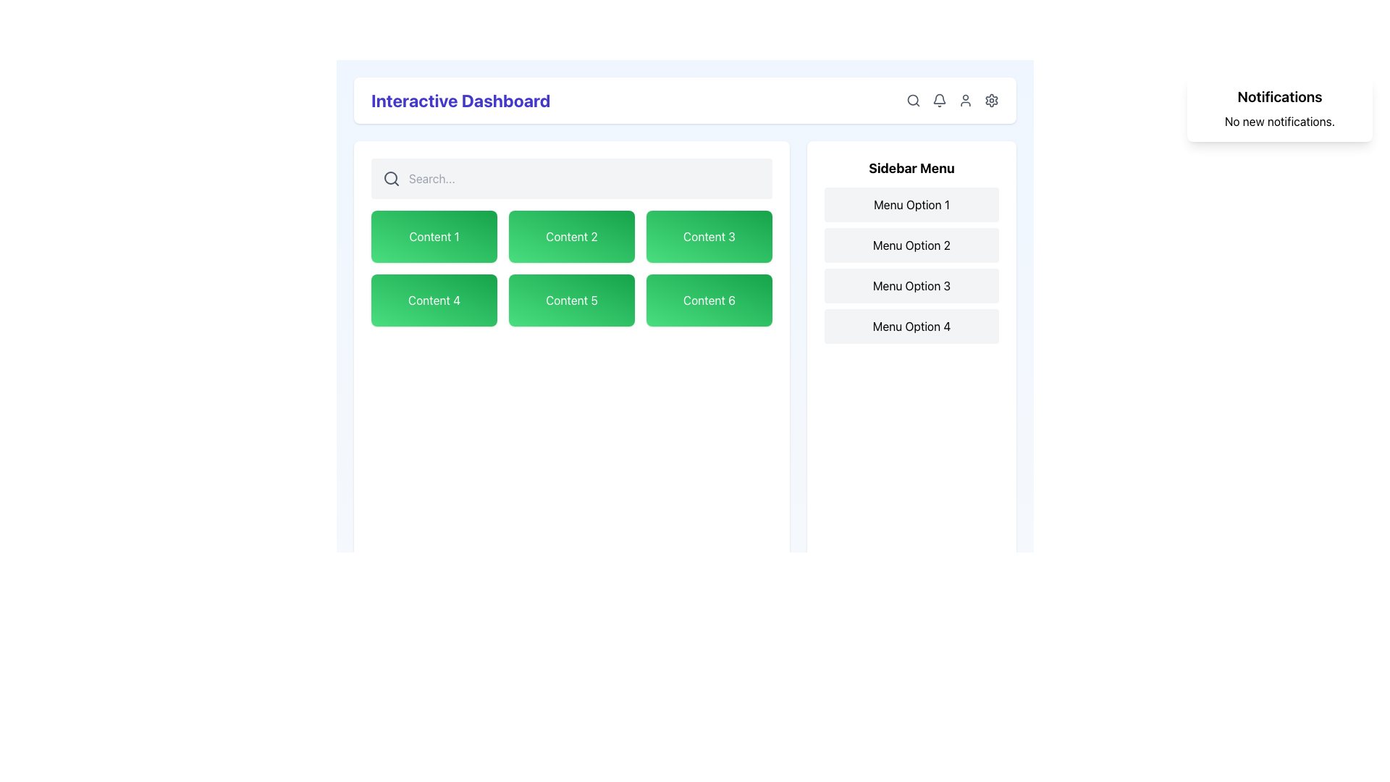  Describe the element at coordinates (911, 167) in the screenshot. I see `the bold text label displaying 'Sidebar Menu' located at the top of the sidebar section on the right-hand side of the interface` at that location.